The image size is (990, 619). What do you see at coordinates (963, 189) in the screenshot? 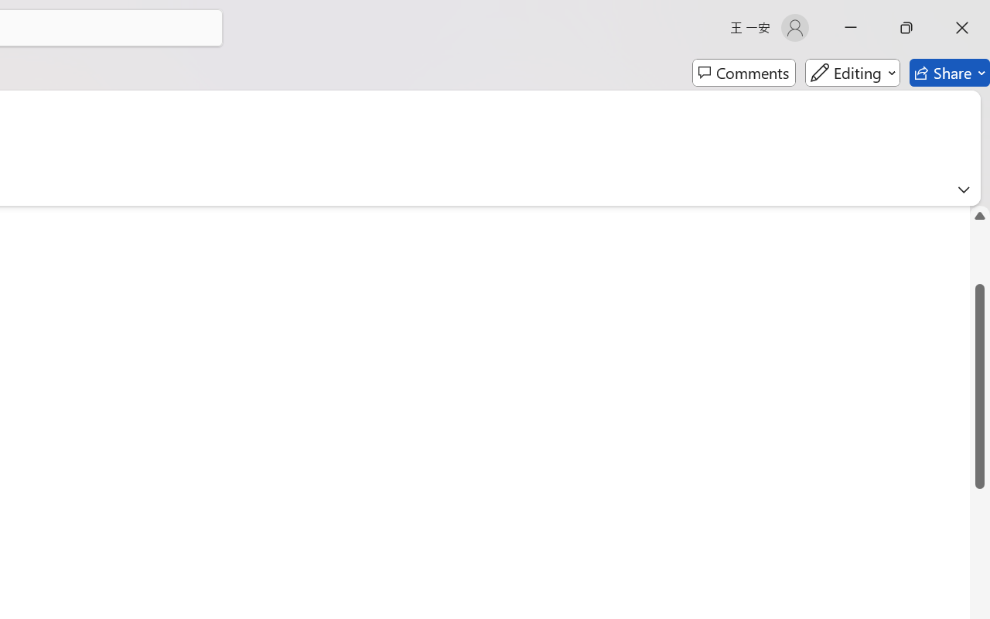
I see `'Ribbon Display Options'` at bounding box center [963, 189].